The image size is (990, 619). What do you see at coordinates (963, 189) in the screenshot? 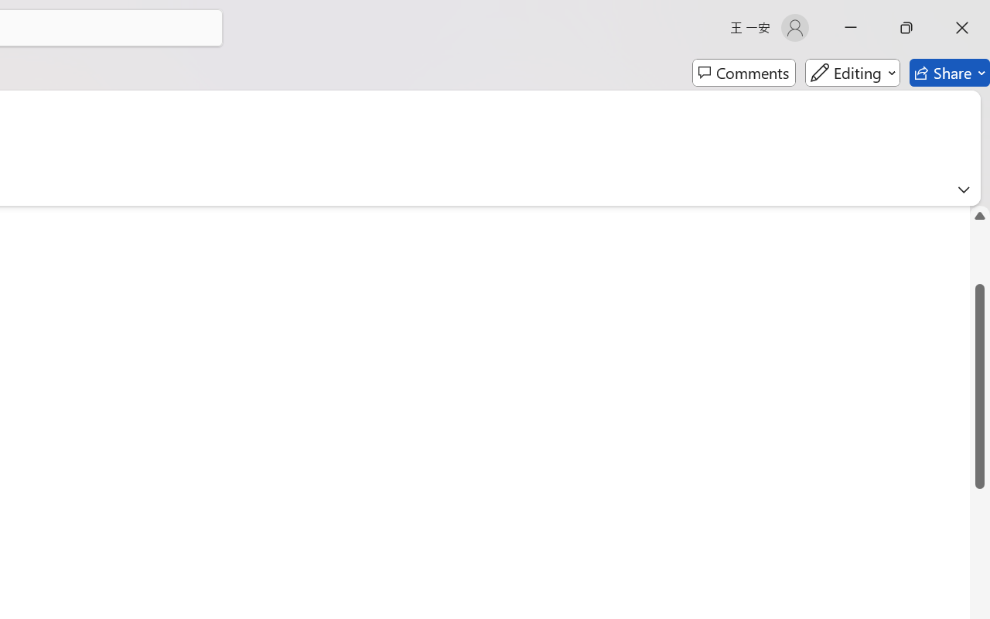
I see `'Ribbon Display Options'` at bounding box center [963, 189].